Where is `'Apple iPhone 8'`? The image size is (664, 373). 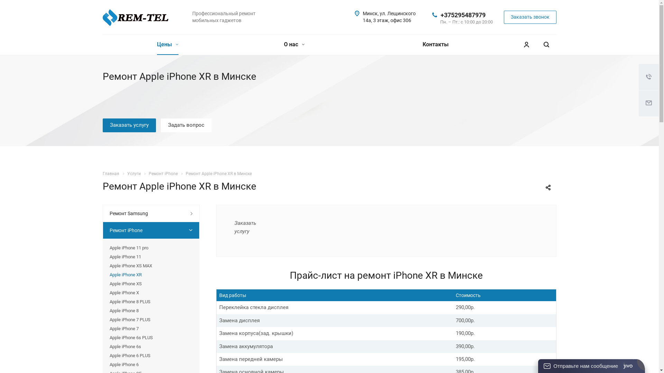 'Apple iPhone 8' is located at coordinates (150, 310).